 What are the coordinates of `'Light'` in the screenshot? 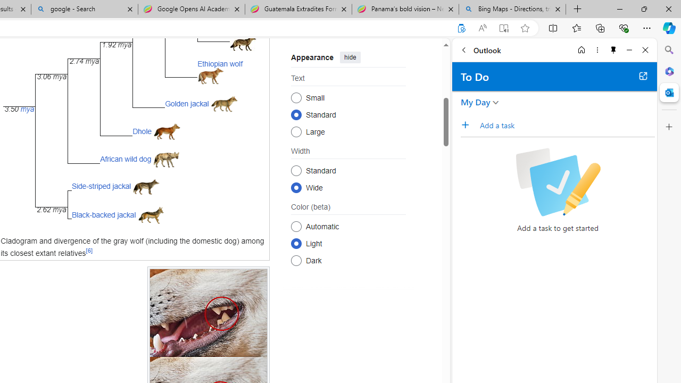 It's located at (296, 243).